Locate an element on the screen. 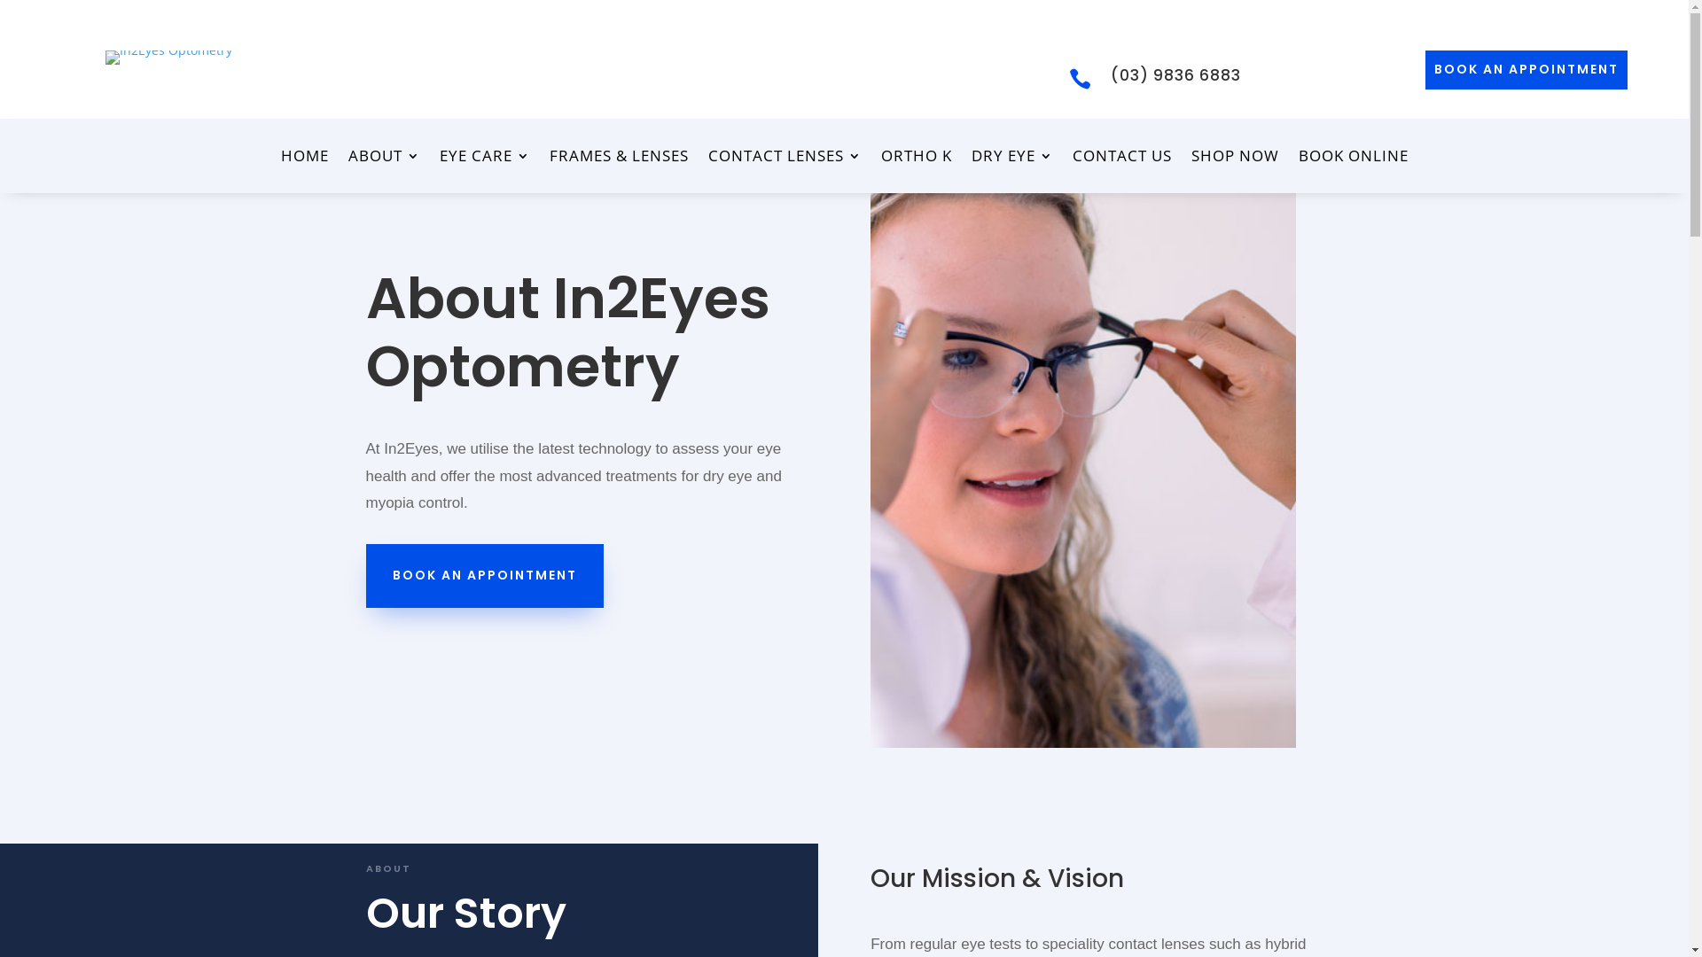 Image resolution: width=1702 pixels, height=957 pixels. '(03) 9836 6883' is located at coordinates (1175, 74).